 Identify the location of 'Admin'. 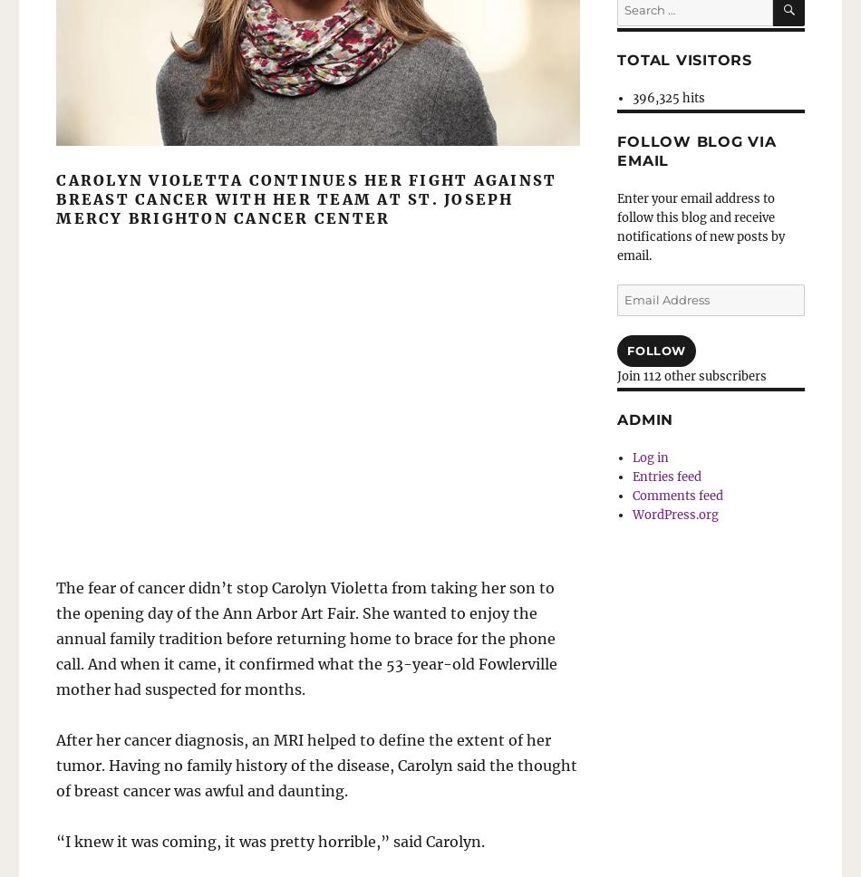
(645, 418).